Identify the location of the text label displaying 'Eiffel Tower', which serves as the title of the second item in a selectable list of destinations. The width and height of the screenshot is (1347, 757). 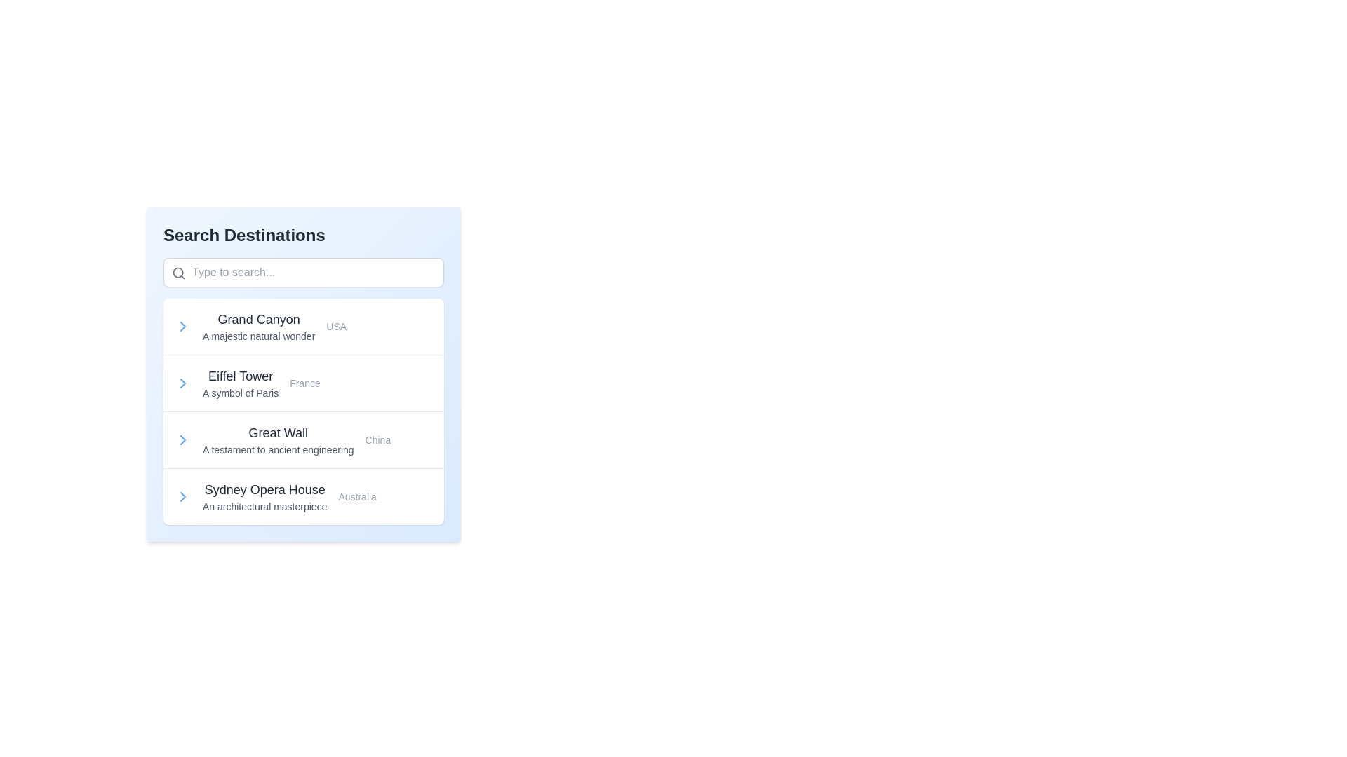
(241, 375).